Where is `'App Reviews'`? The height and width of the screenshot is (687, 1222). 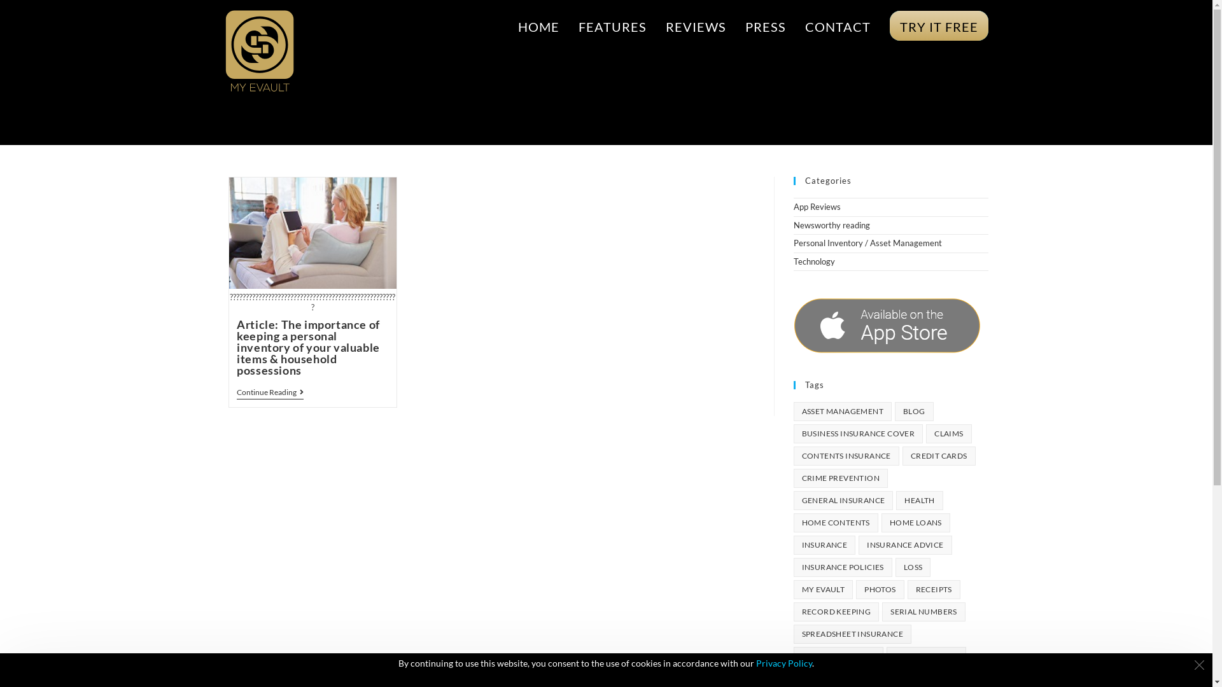
'App Reviews' is located at coordinates (816, 205).